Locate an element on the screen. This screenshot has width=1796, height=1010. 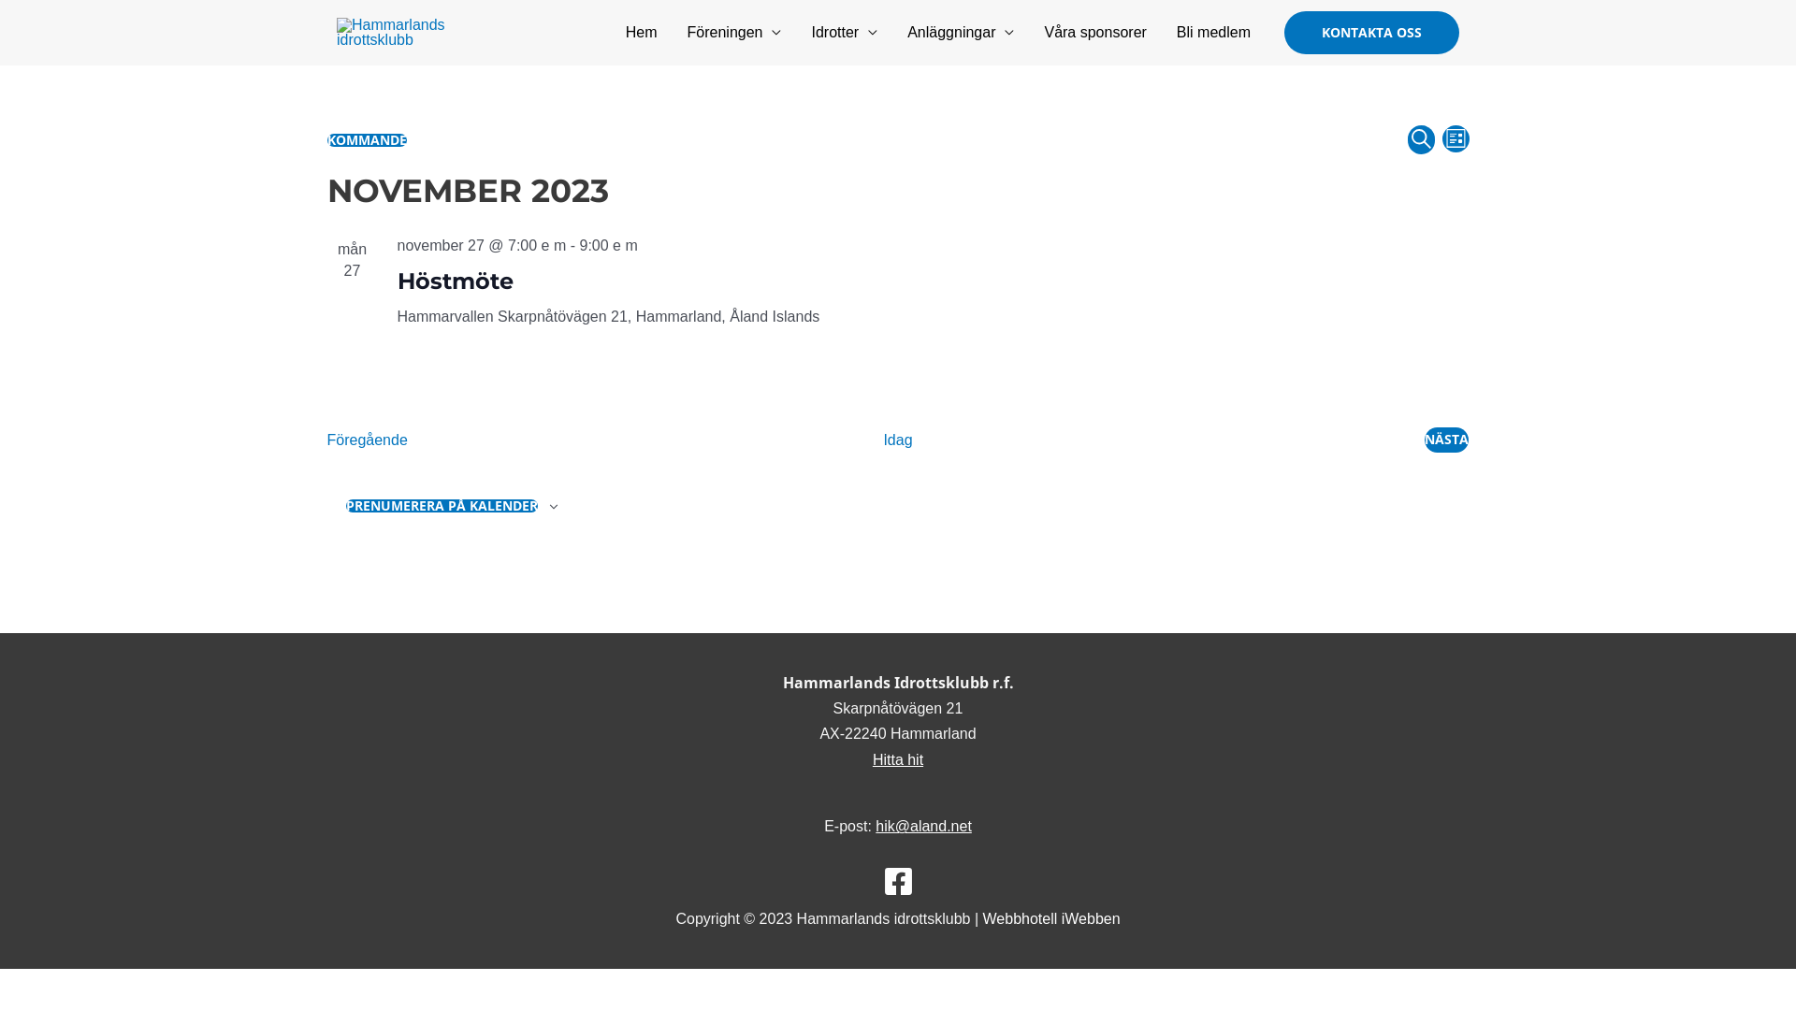
'Idrotter' is located at coordinates (843, 32).